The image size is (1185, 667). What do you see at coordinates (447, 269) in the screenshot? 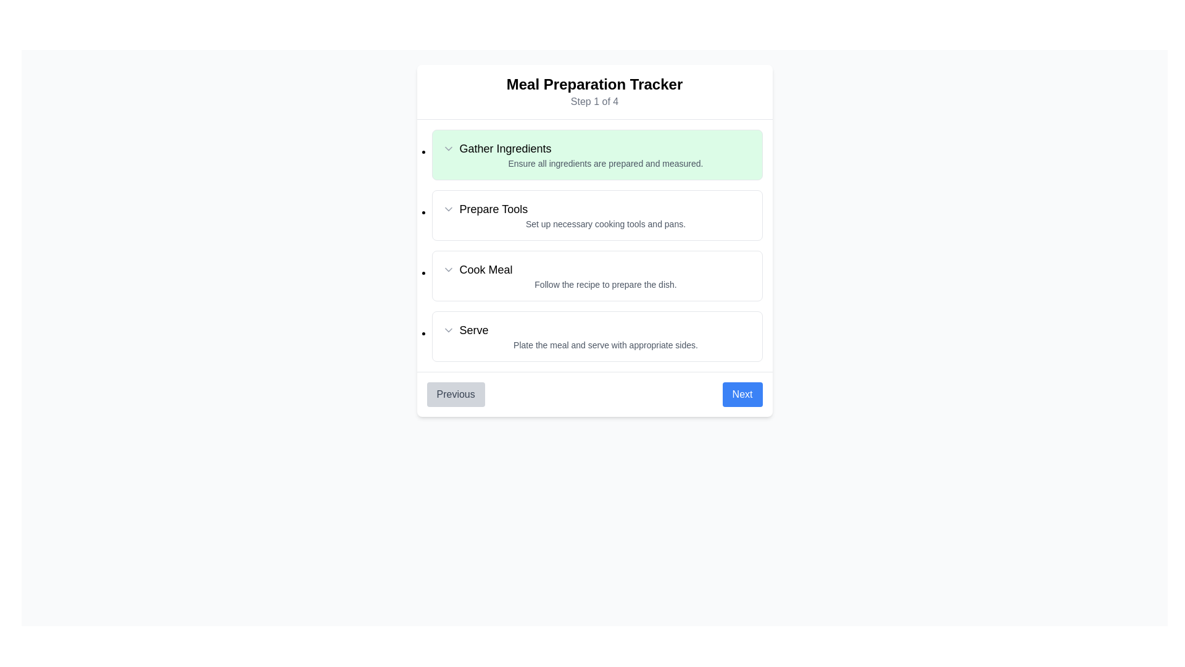
I see `the icon that serves as a visual indicator for collapsing or expanding additional information related to 'Cook Meal', which is positioned to the left of the text 'Cook Meal'` at bounding box center [447, 269].